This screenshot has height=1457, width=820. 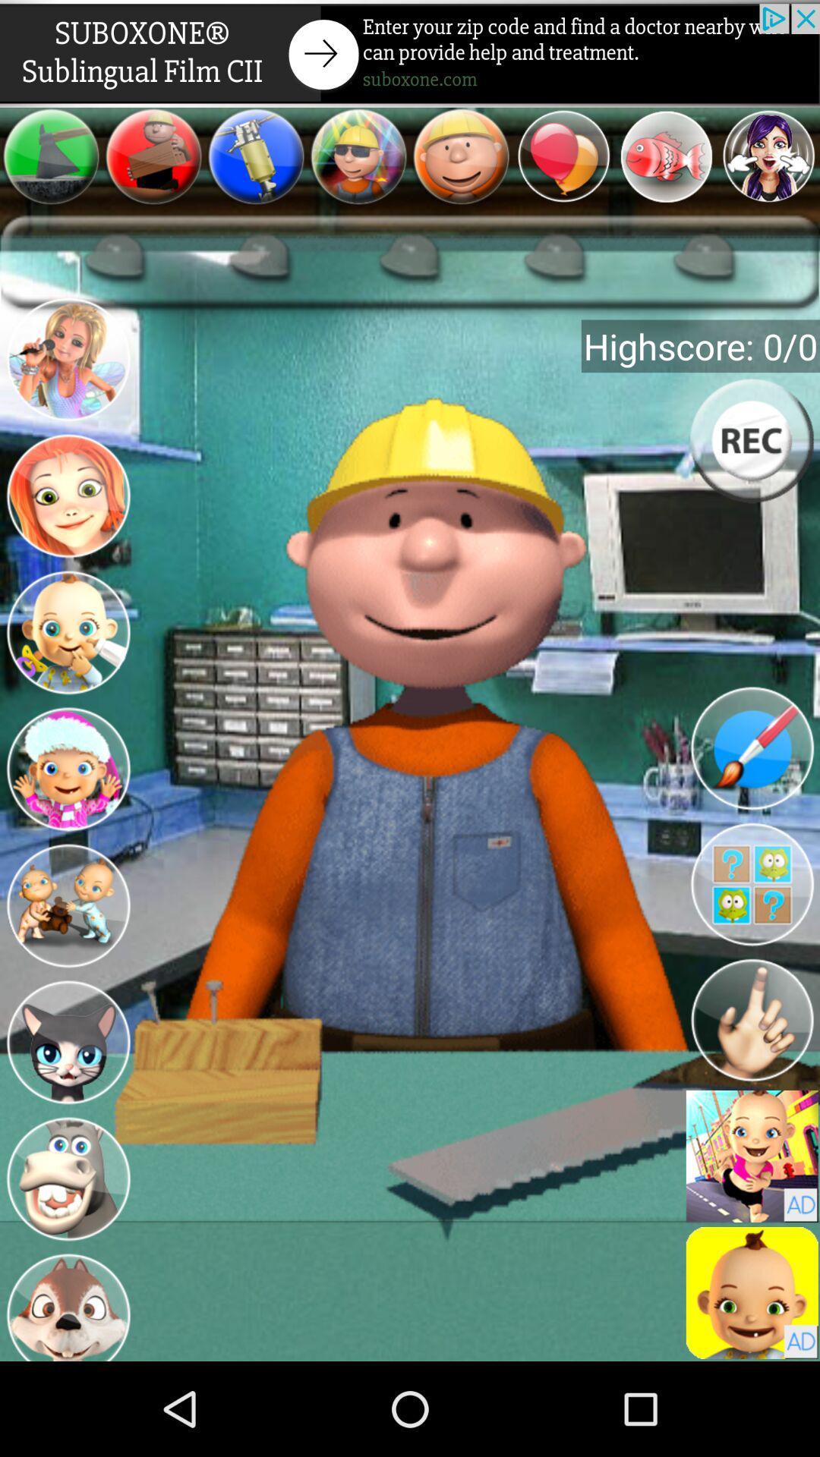 I want to click on picture, so click(x=67, y=1303).